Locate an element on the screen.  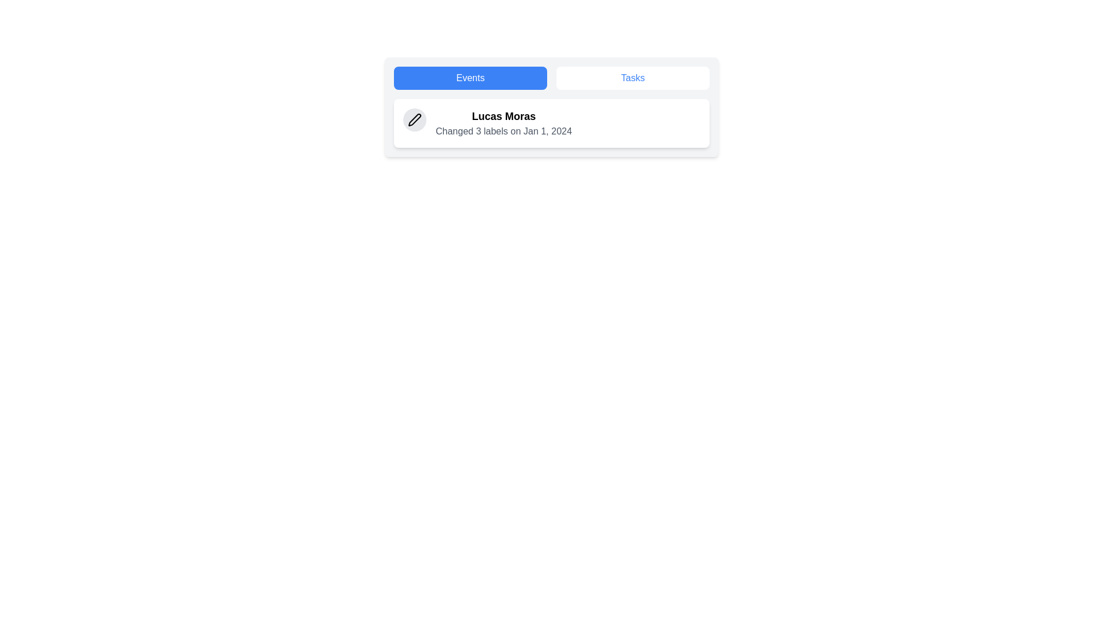
the button located to the left of the text 'Lucas Moras Changed 3 labels on Jan 1, 2024' is located at coordinates (415, 120).